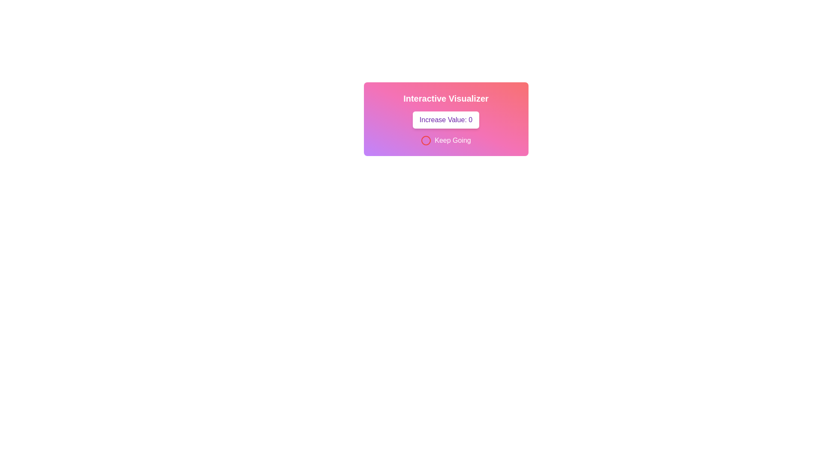 This screenshot has height=463, width=823. Describe the element at coordinates (452, 140) in the screenshot. I see `the text label displaying 'Keep Going', which is styled in white font and located centrally within its colorful gradient-styled card` at that location.